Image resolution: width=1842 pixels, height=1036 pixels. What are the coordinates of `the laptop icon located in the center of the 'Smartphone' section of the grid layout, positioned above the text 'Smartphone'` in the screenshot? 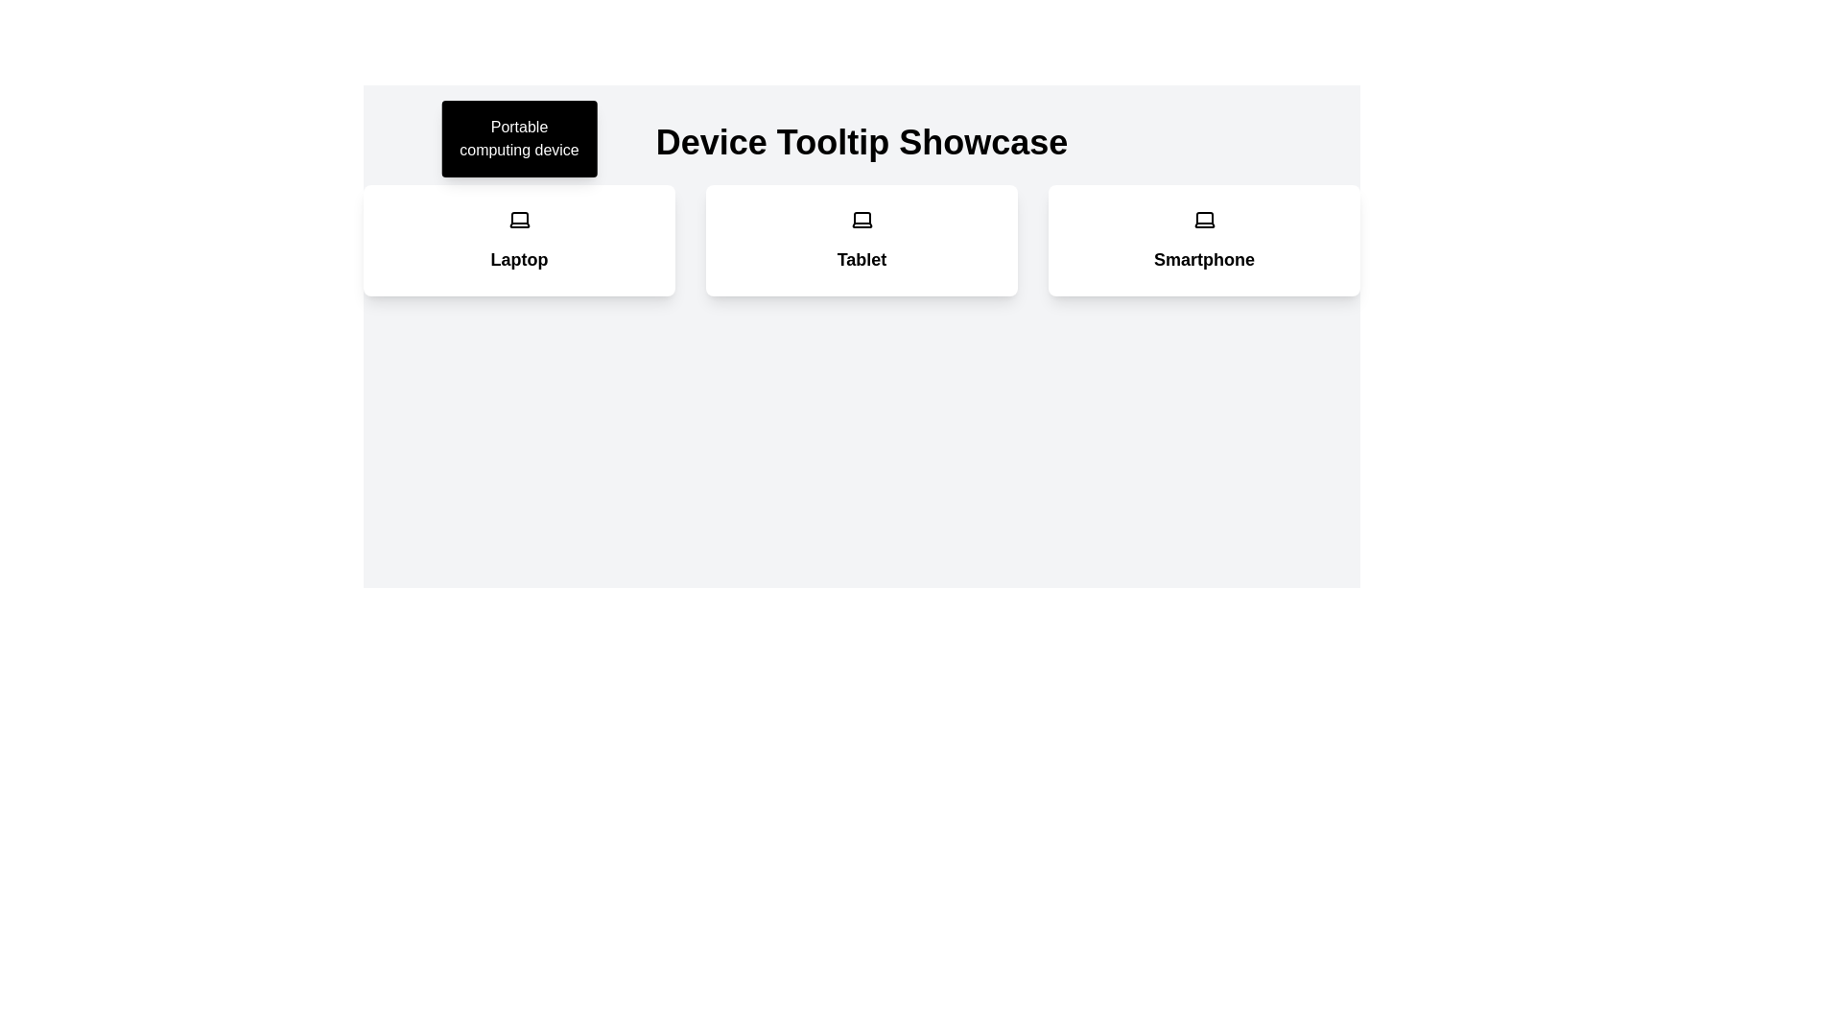 It's located at (1203, 218).